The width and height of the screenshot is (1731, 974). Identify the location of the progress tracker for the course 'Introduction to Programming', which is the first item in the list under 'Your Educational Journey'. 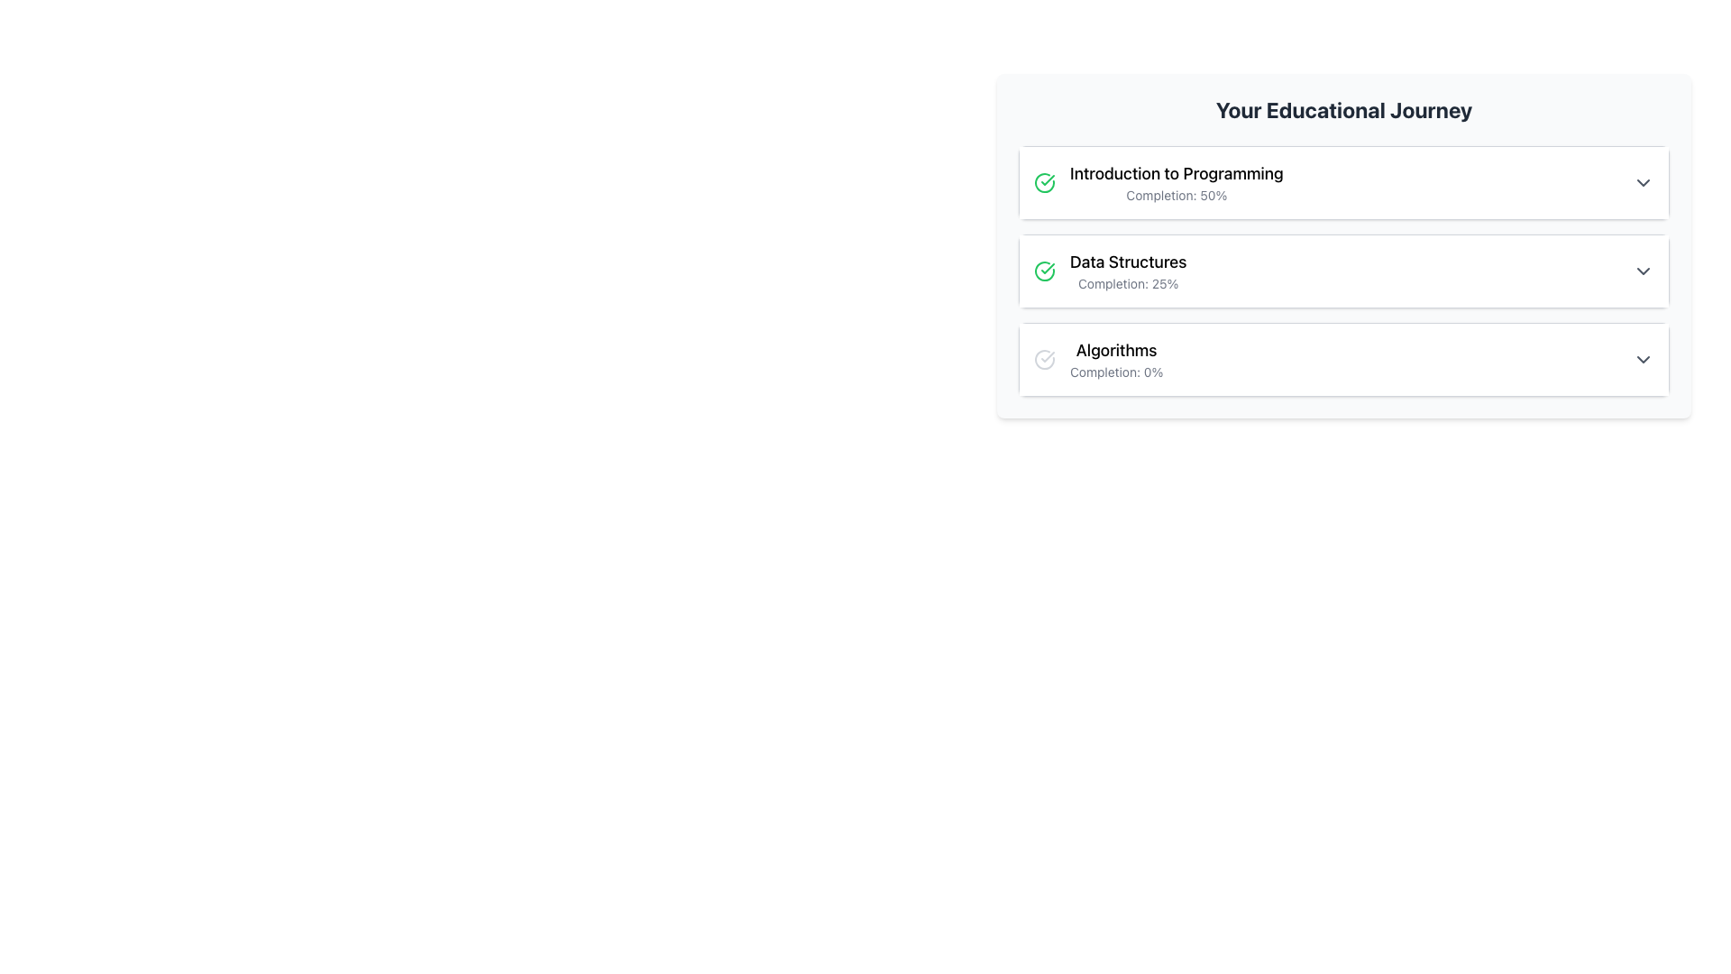
(1344, 183).